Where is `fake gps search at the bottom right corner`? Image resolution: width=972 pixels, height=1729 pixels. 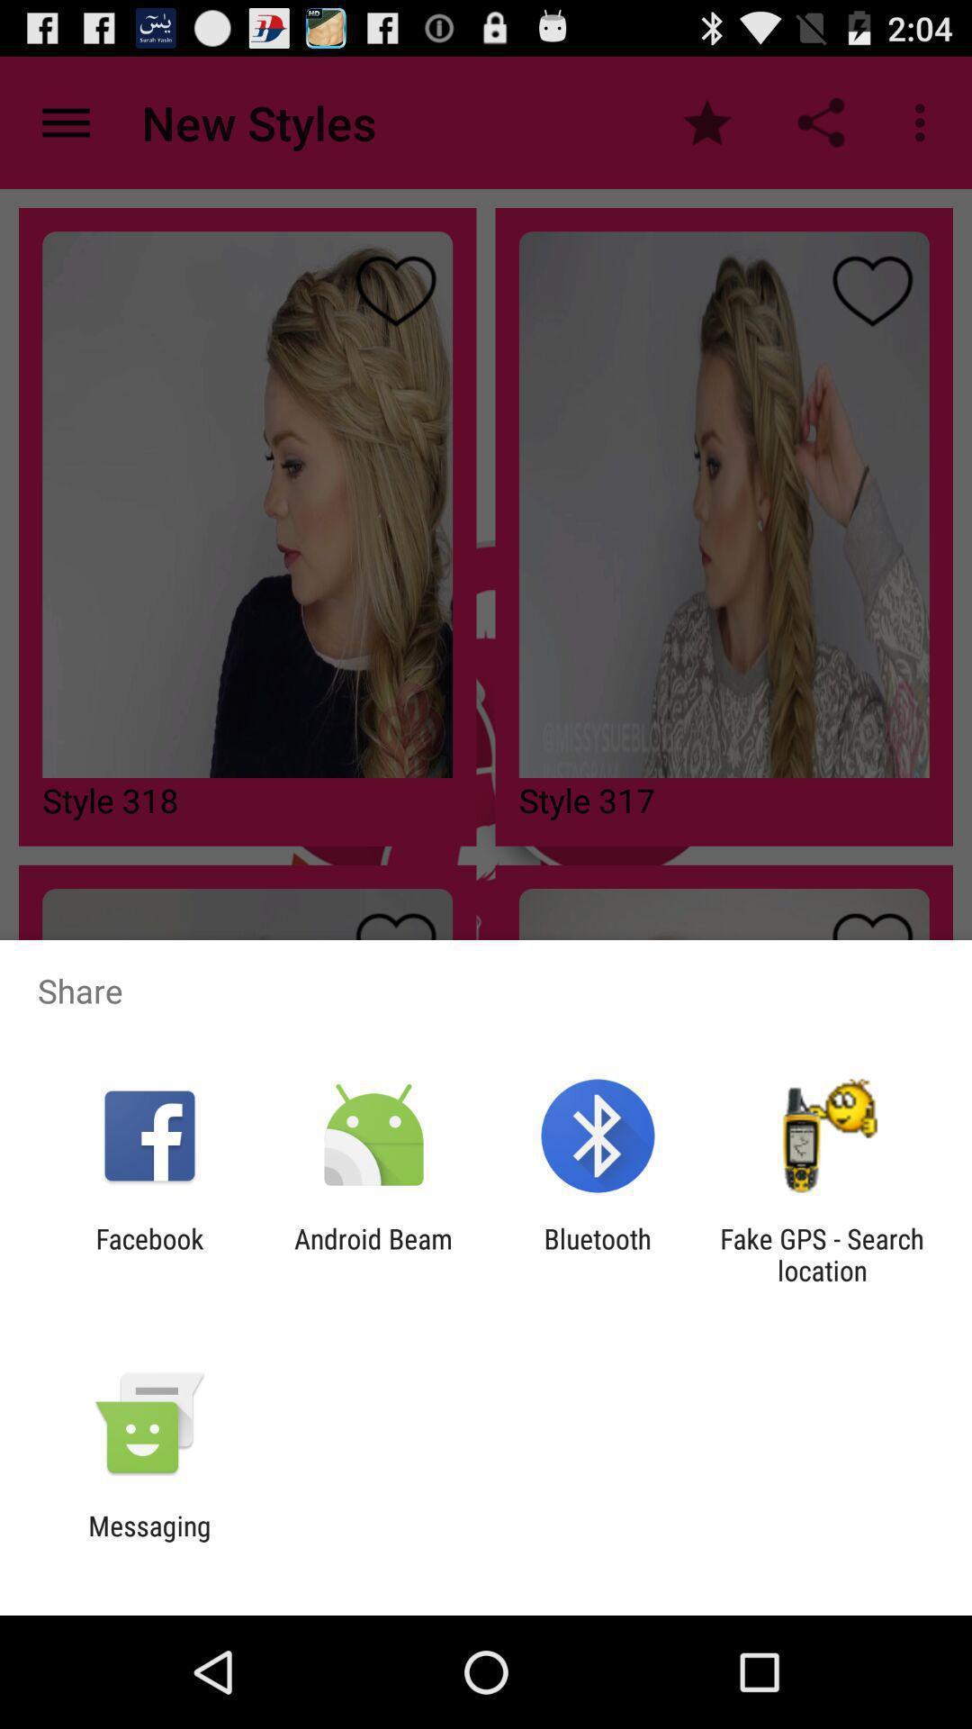
fake gps search at the bottom right corner is located at coordinates (822, 1254).